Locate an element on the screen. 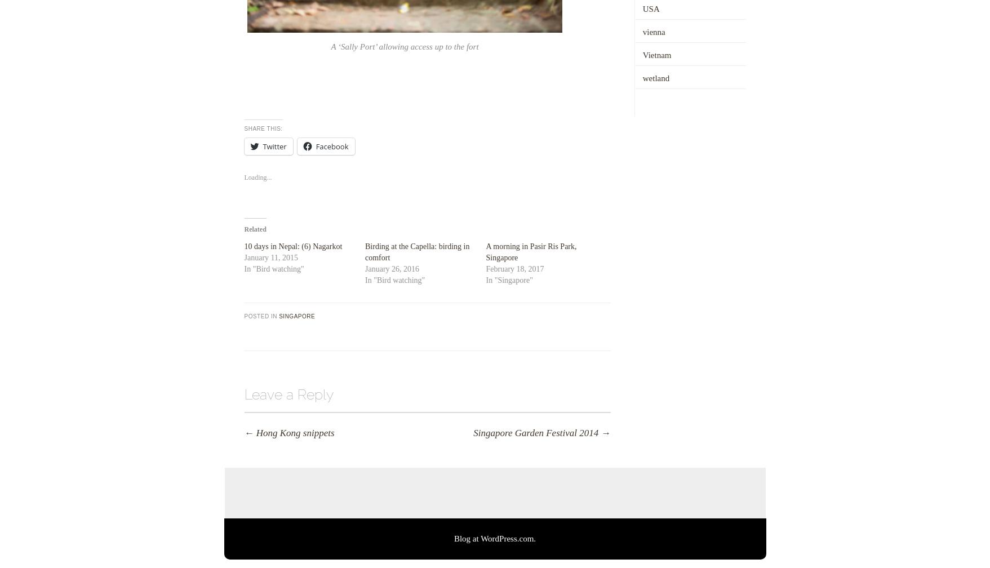  'Posted in' is located at coordinates (261, 313).